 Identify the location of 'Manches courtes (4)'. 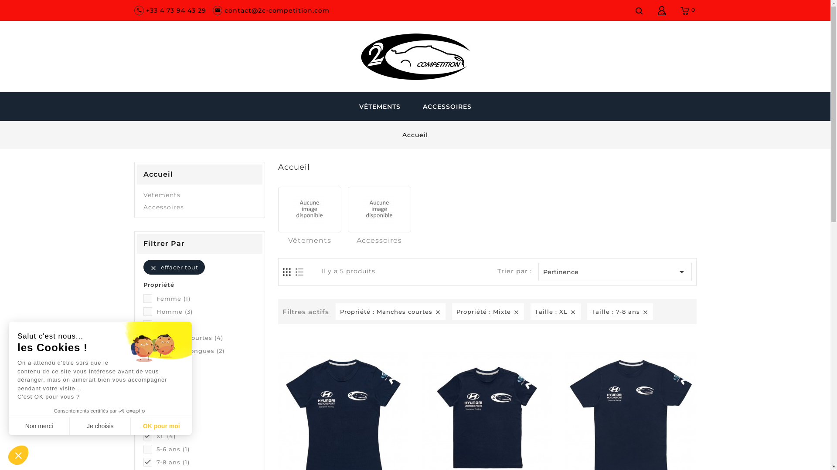
(205, 337).